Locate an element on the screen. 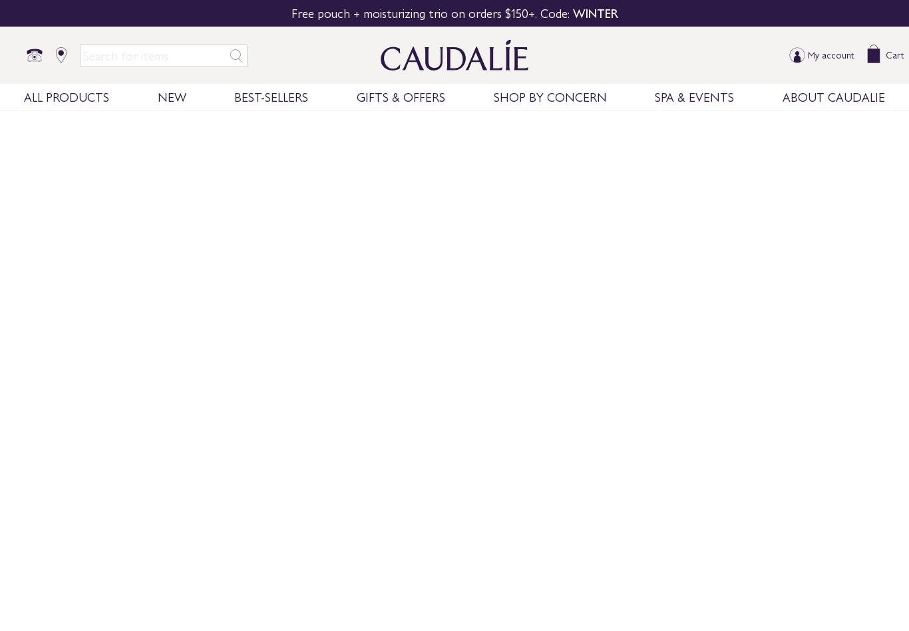  'icon_maps' is located at coordinates (61, 55).